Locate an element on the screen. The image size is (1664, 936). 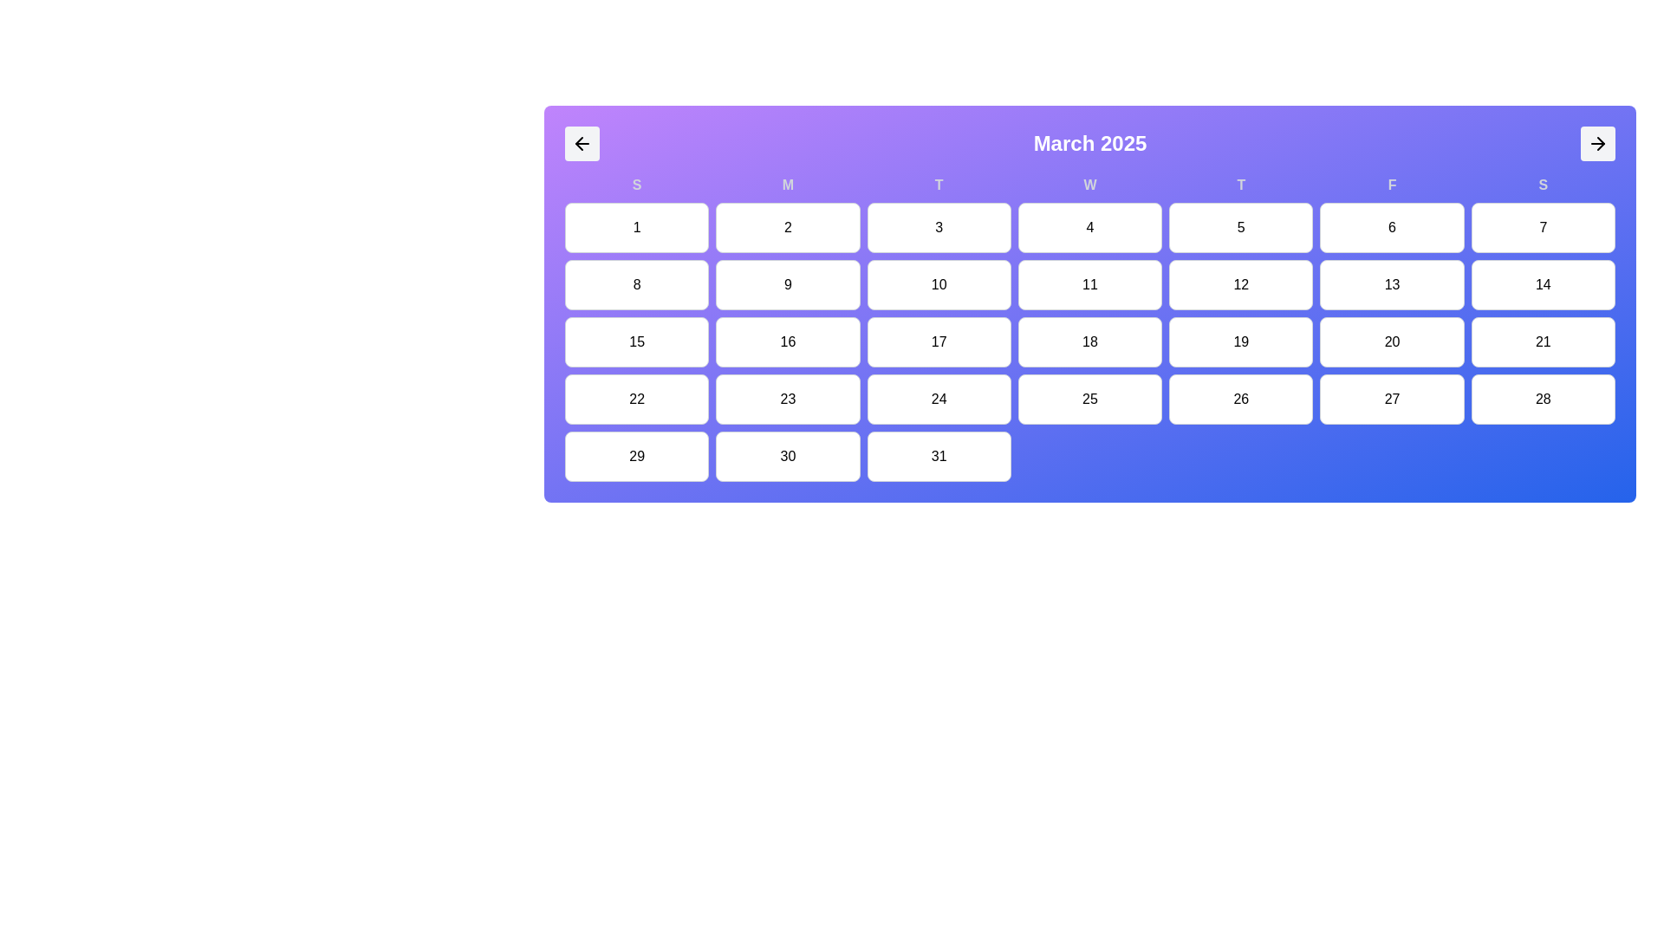
the Calendar day cell displaying the number '31' in the bottom row of the calendar grid under the Thursday column is located at coordinates (938, 456).